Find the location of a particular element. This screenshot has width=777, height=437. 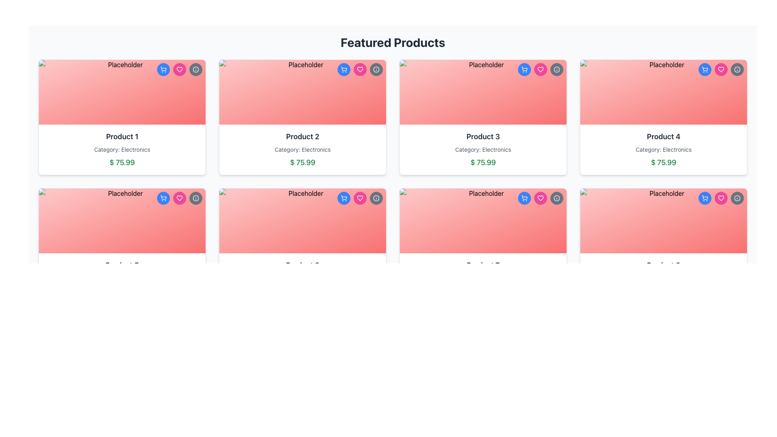

the shopping cart icon button located in the top-right corner of the card for 'Product 1' is located at coordinates (163, 69).